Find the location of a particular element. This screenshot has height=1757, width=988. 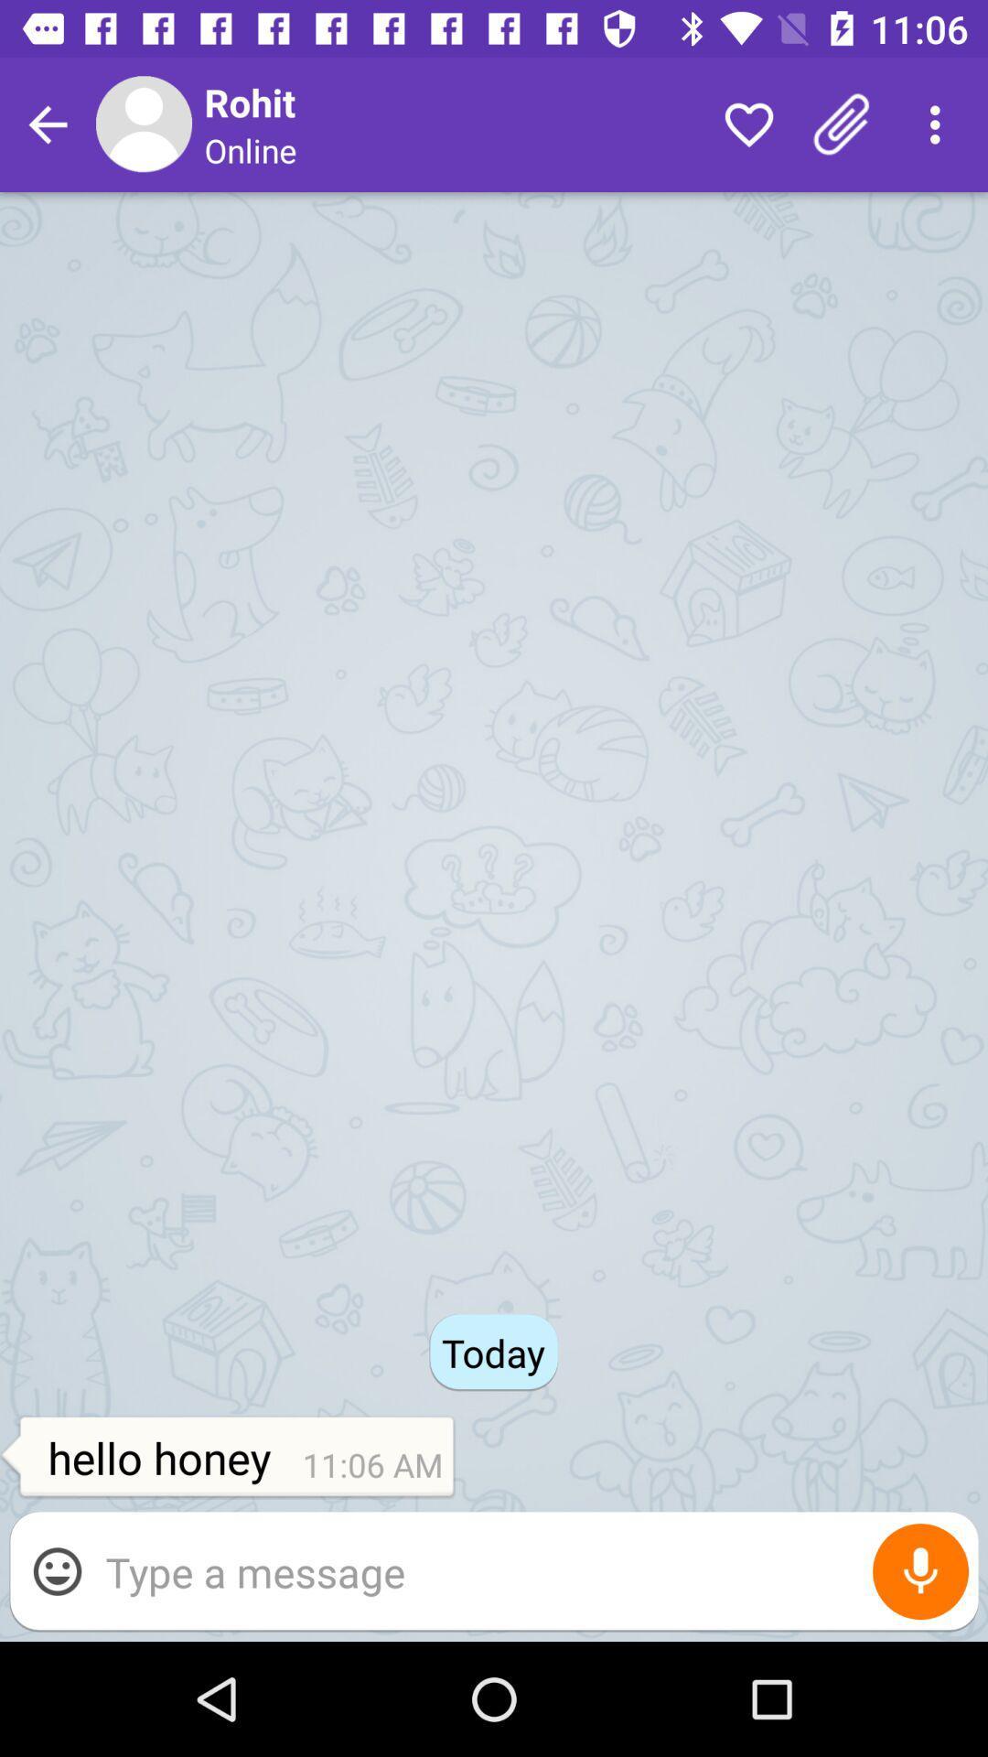

type is located at coordinates (532, 1570).